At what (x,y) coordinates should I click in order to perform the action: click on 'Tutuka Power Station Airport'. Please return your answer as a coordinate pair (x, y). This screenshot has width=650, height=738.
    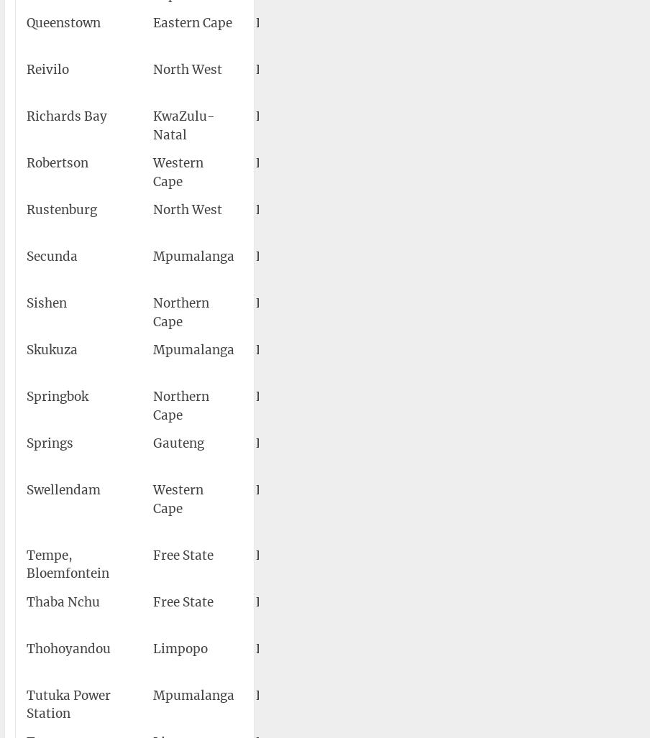
    Looking at the image, I should click on (416, 703).